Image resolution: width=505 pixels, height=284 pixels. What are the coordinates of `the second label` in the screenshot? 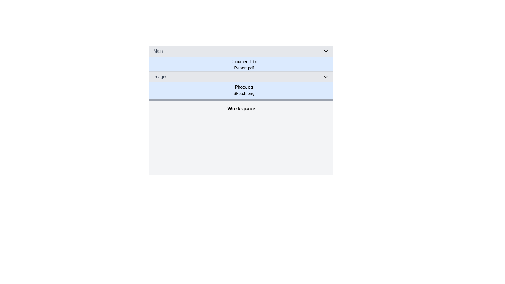 It's located at (244, 68).